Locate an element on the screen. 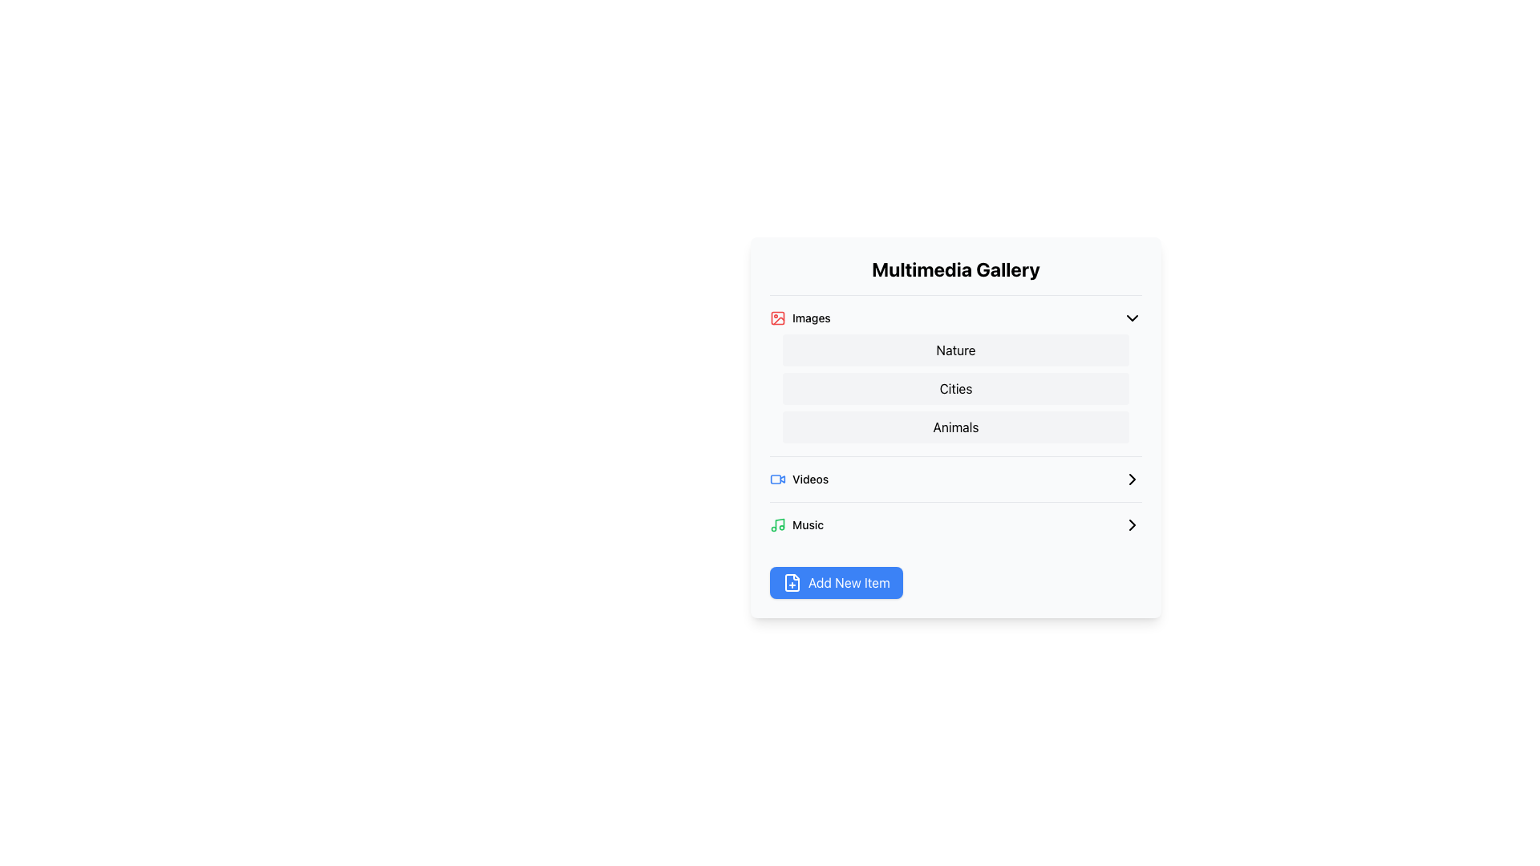 This screenshot has height=866, width=1540. the selectable item labeled 'Nature' in the list under the 'Images' section is located at coordinates (955, 349).